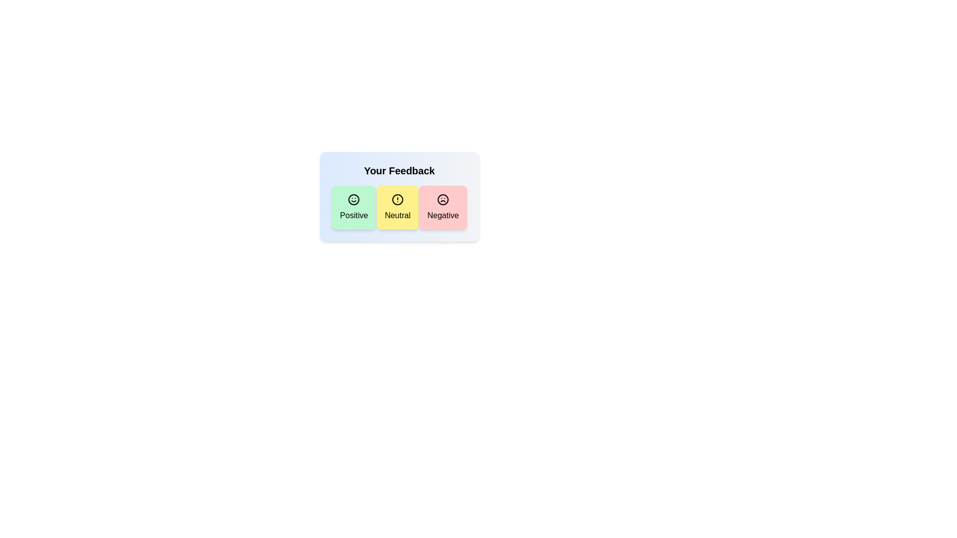  I want to click on the 'Neutral' feedback button located under the 'Your Feedback' heading, positioned between the 'Positive' and 'Negative' options, so click(399, 196).